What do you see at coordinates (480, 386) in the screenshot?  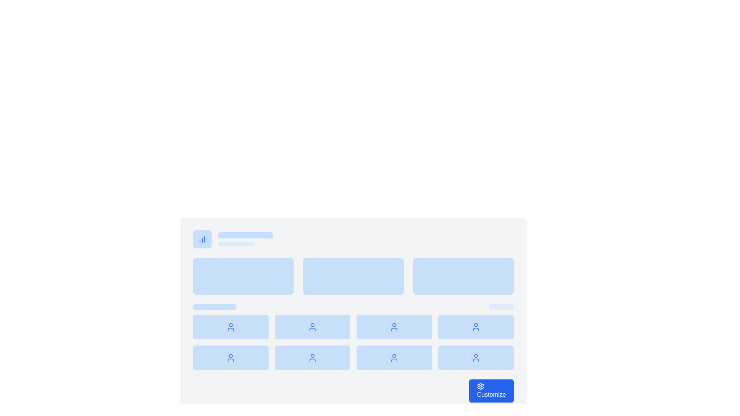 I see `the gear-shaped icon, which is rendered in white and positioned to the left of the 'Customize' text inside the blue button` at bounding box center [480, 386].